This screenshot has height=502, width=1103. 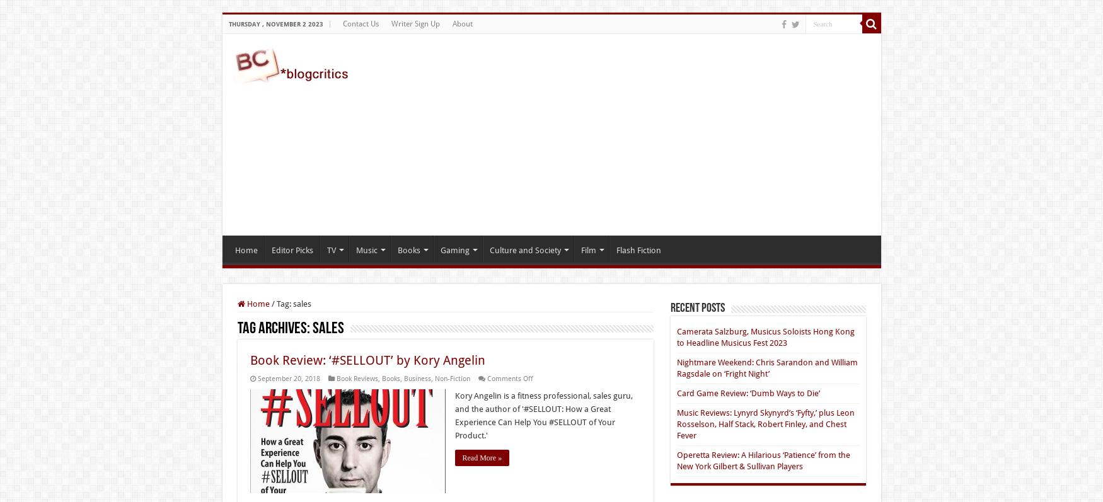 What do you see at coordinates (765, 424) in the screenshot?
I see `'Music Reviews: Lynyrd Skynyrd’s ‘Fyfty,’ plus Leon Rosselson, Half Stack, Robert Finley, and Chest Fever'` at bounding box center [765, 424].